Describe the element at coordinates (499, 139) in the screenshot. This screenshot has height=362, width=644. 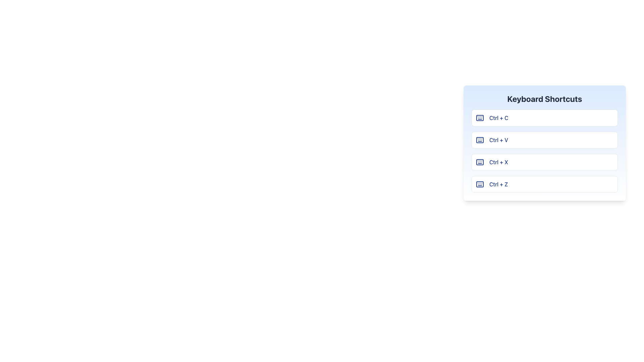
I see `the static text label displaying the shortcut 'Ctrl + V' in the keyboard shortcuts list, which is the second item between 'Ctrl + C' and 'Ctrl + X'` at that location.